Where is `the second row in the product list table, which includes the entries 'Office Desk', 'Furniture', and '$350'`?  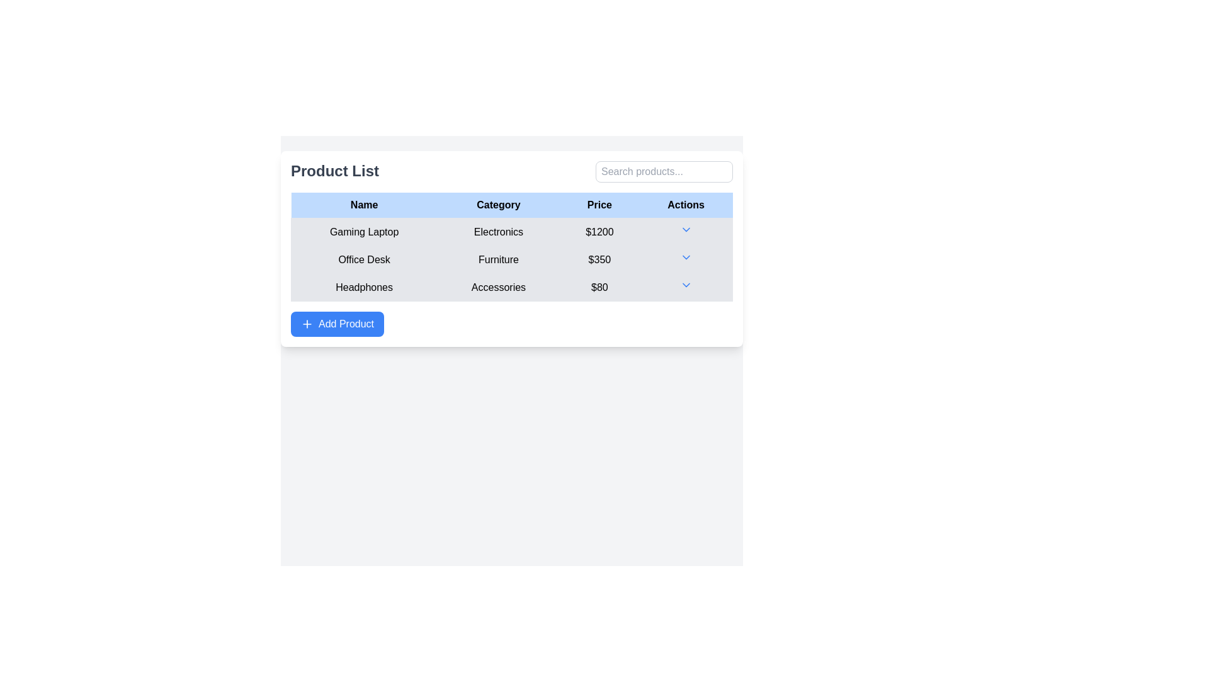 the second row in the product list table, which includes the entries 'Office Desk', 'Furniture', and '$350' is located at coordinates (511, 259).